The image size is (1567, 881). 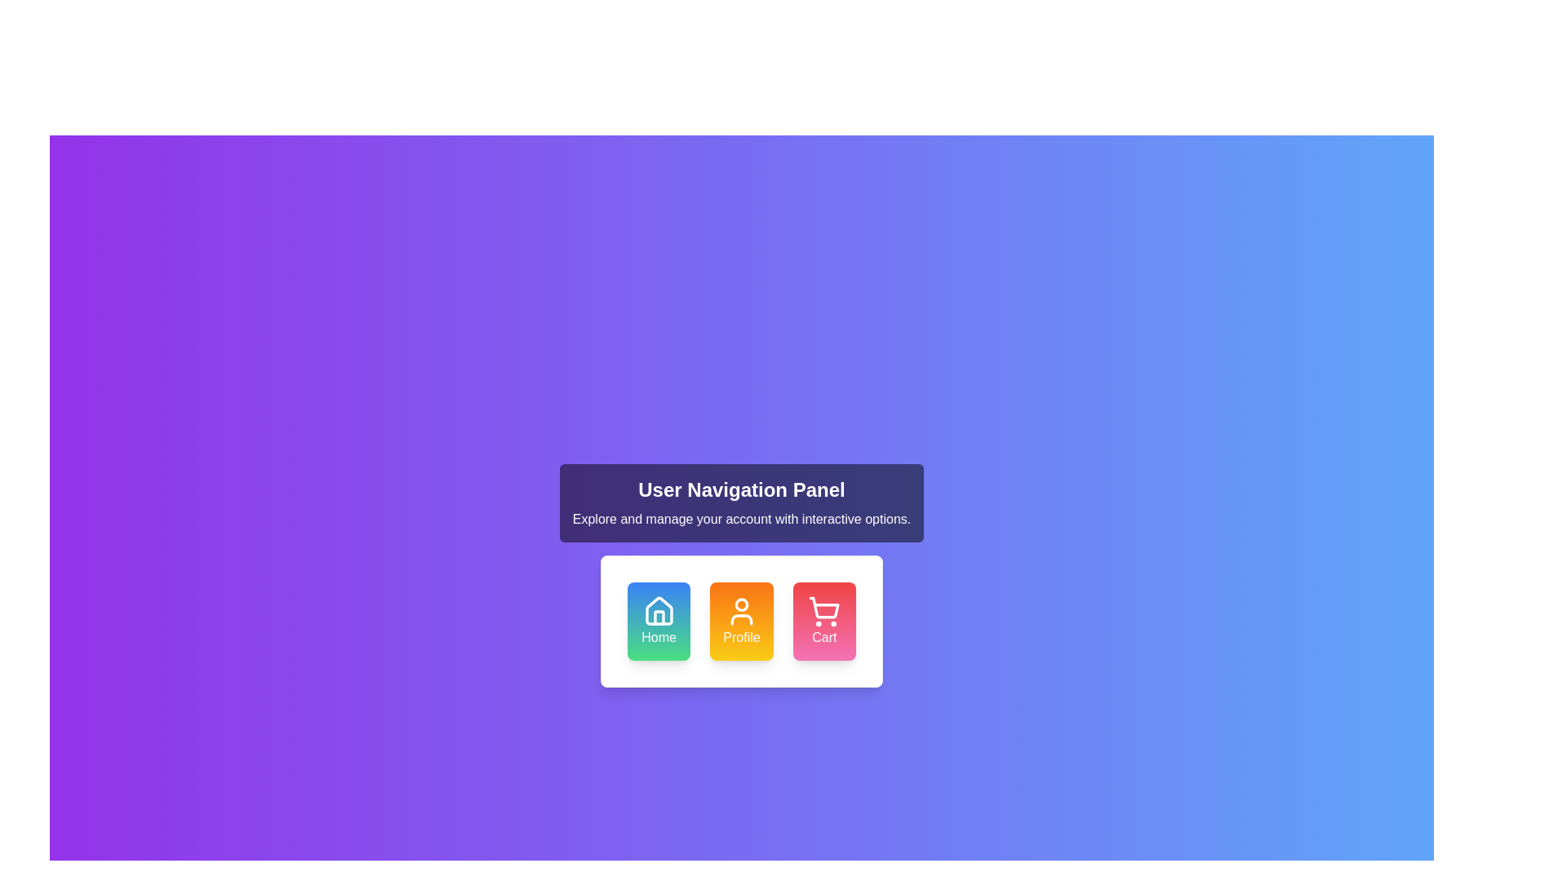 What do you see at coordinates (740, 611) in the screenshot?
I see `the circular profile icon with a yellow to orange gradient background, featuring a white line-drawn figure, located in the middle row of the 'User Navigation Panel'` at bounding box center [740, 611].